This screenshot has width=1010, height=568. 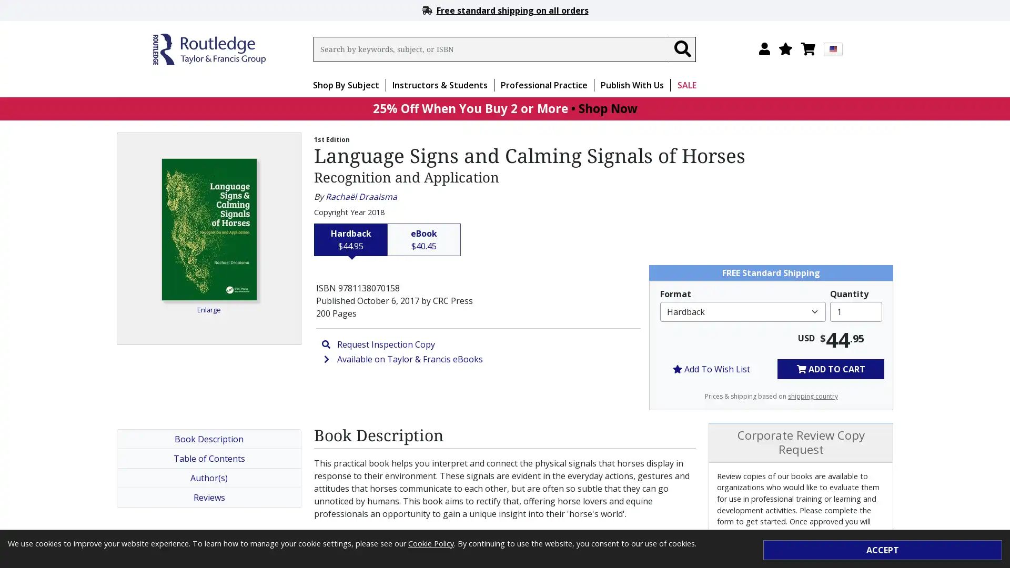 What do you see at coordinates (682, 49) in the screenshot?
I see `Search` at bounding box center [682, 49].